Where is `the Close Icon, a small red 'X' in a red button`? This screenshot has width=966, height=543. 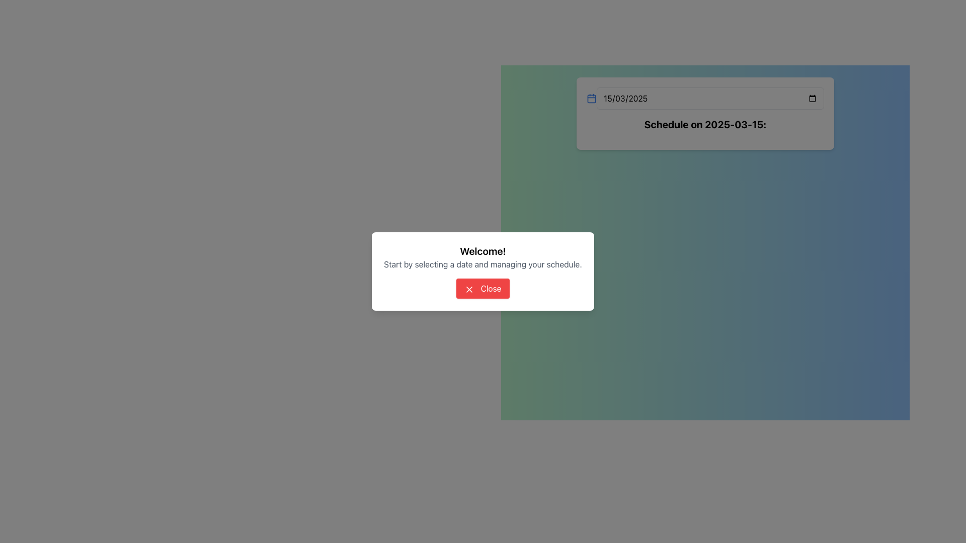 the Close Icon, a small red 'X' in a red button is located at coordinates (469, 289).